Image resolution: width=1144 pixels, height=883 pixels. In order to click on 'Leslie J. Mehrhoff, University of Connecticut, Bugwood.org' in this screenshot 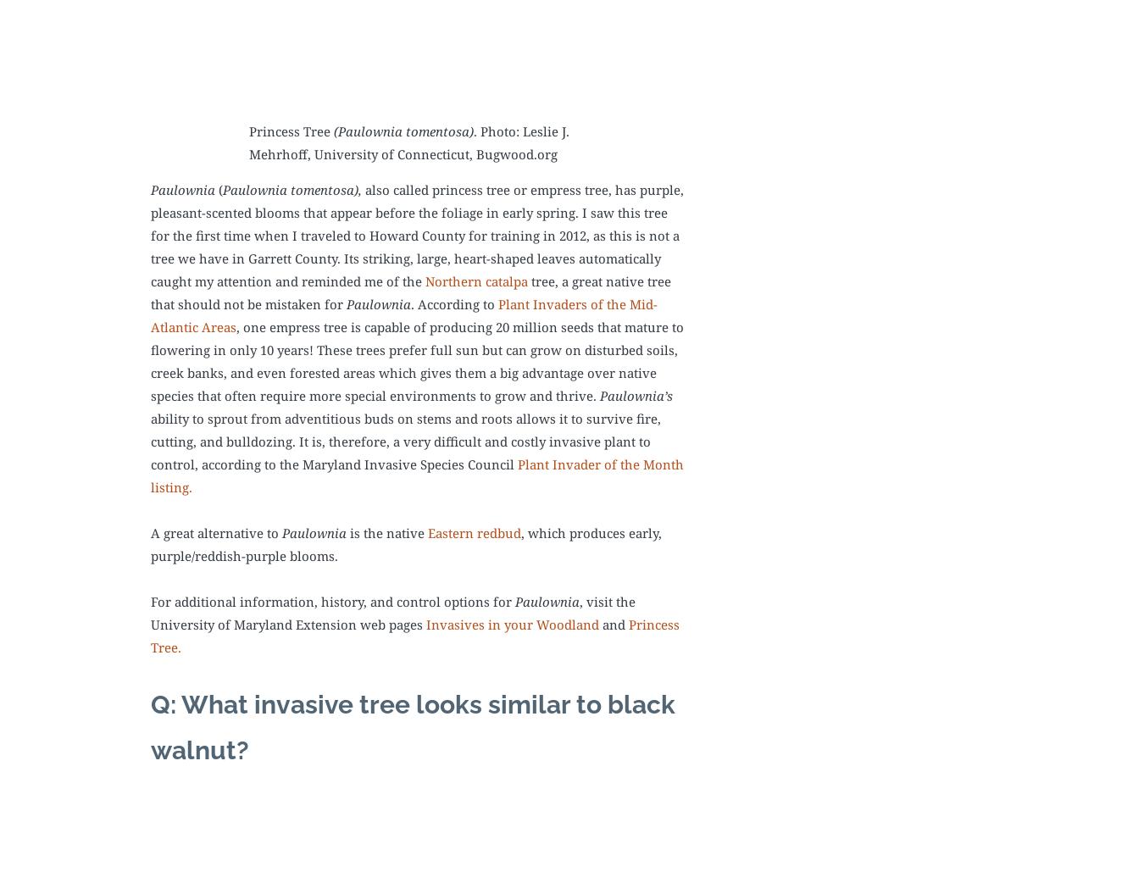, I will do `click(247, 142)`.